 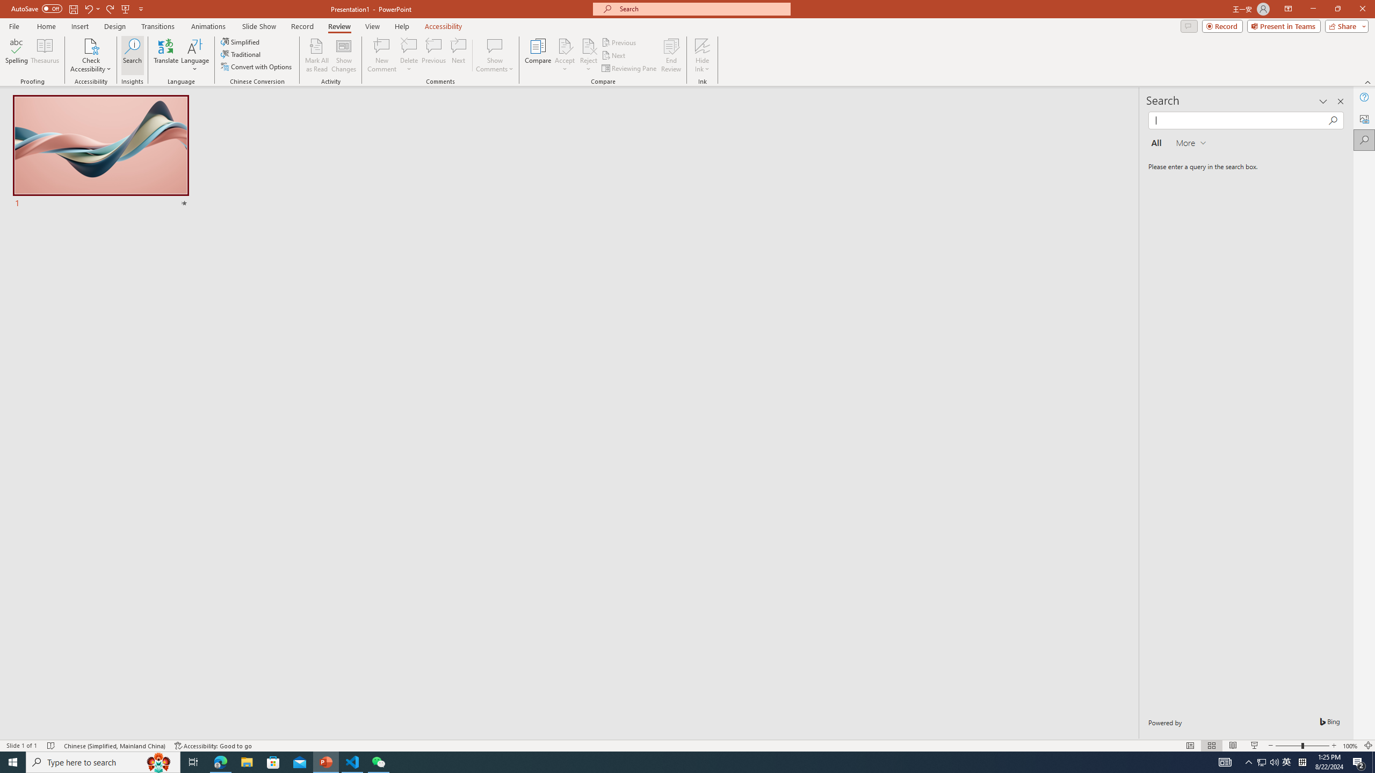 What do you see at coordinates (409, 55) in the screenshot?
I see `'Delete'` at bounding box center [409, 55].